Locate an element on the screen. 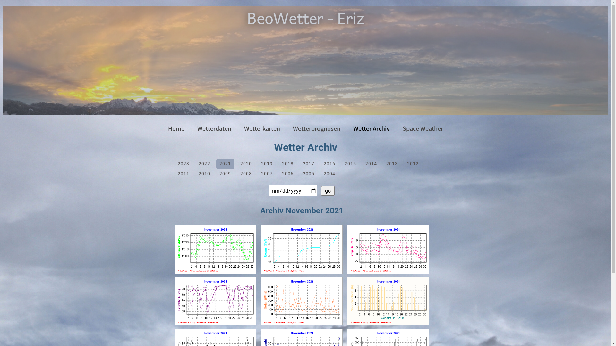  '2009' is located at coordinates (225, 174).